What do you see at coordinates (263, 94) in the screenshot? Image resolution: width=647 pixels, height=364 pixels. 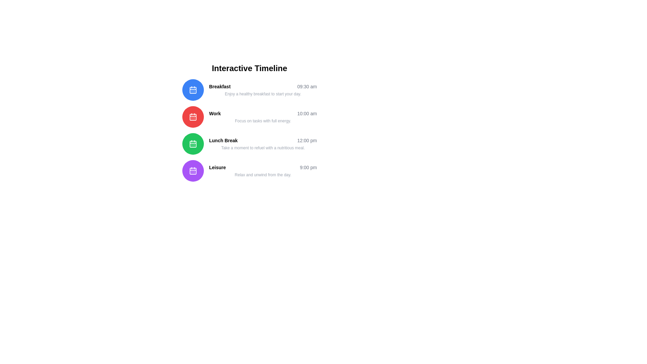 I see `text label displaying 'Enjoy a healthy breakfast to start your day.' located below the 'Breakfast' header and time indicator in the timeline interface` at bounding box center [263, 94].